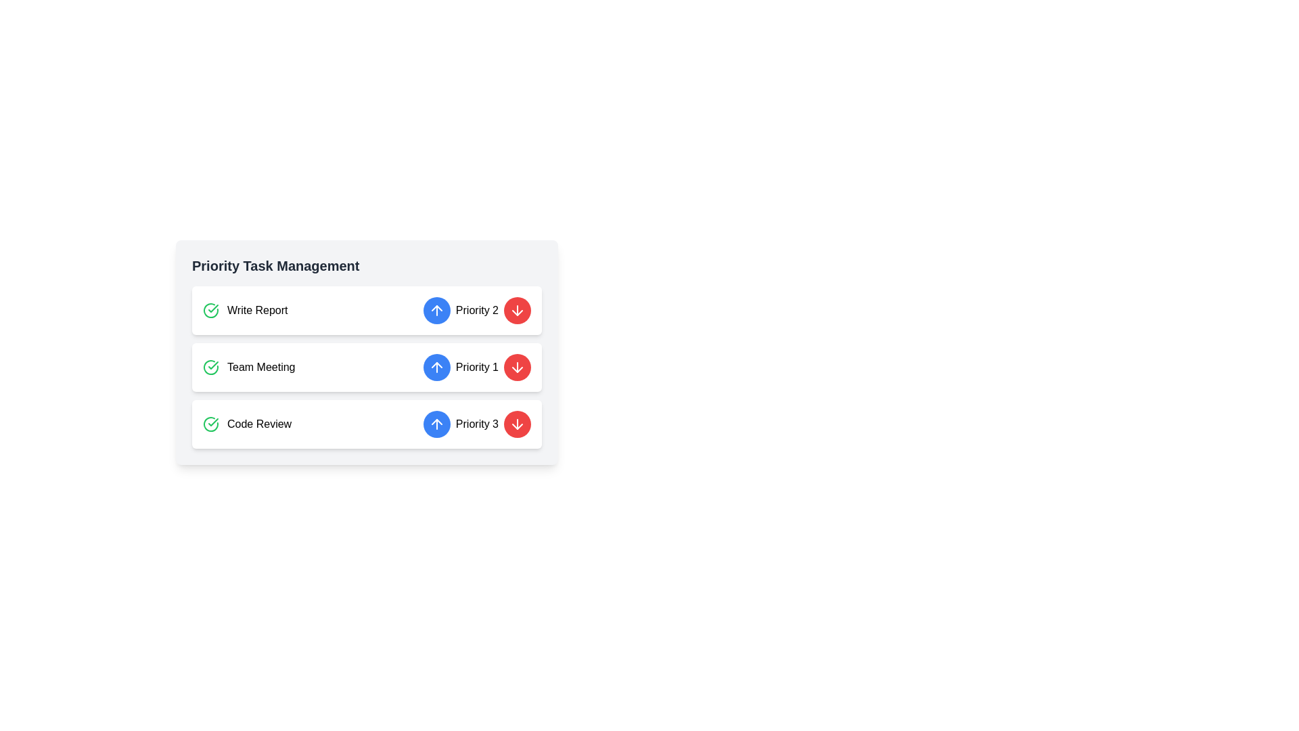 The height and width of the screenshot is (731, 1299). What do you see at coordinates (436, 368) in the screenshot?
I see `the circular button to the left of 'Priority 1' and to the right of 'Team Meeting' to increase the task priority` at bounding box center [436, 368].